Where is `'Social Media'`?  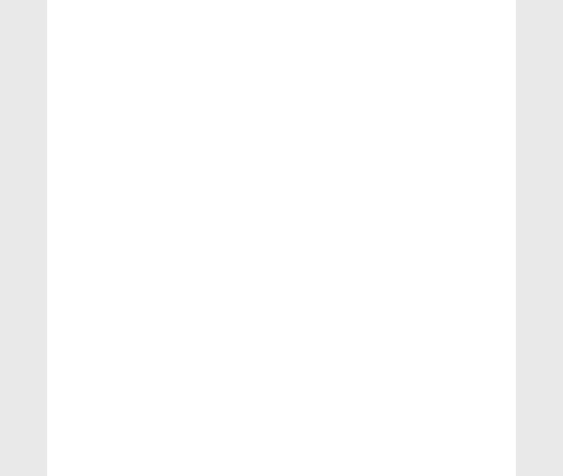 'Social Media' is located at coordinates (91, 468).